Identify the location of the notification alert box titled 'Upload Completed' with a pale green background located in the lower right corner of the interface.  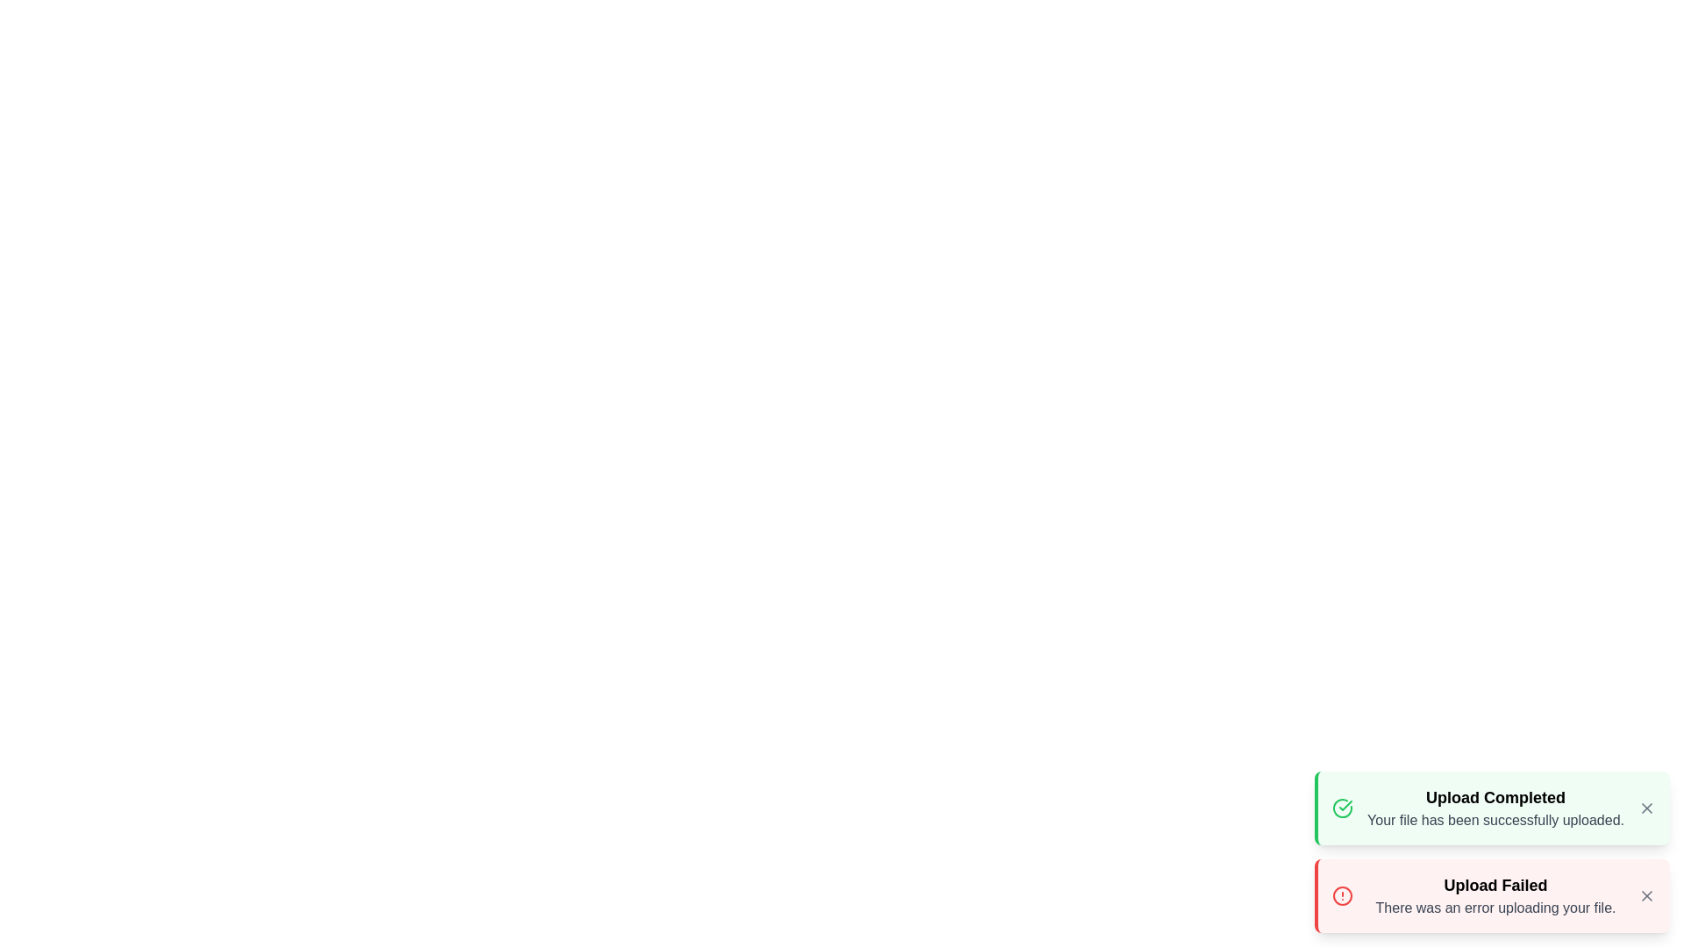
(1491, 808).